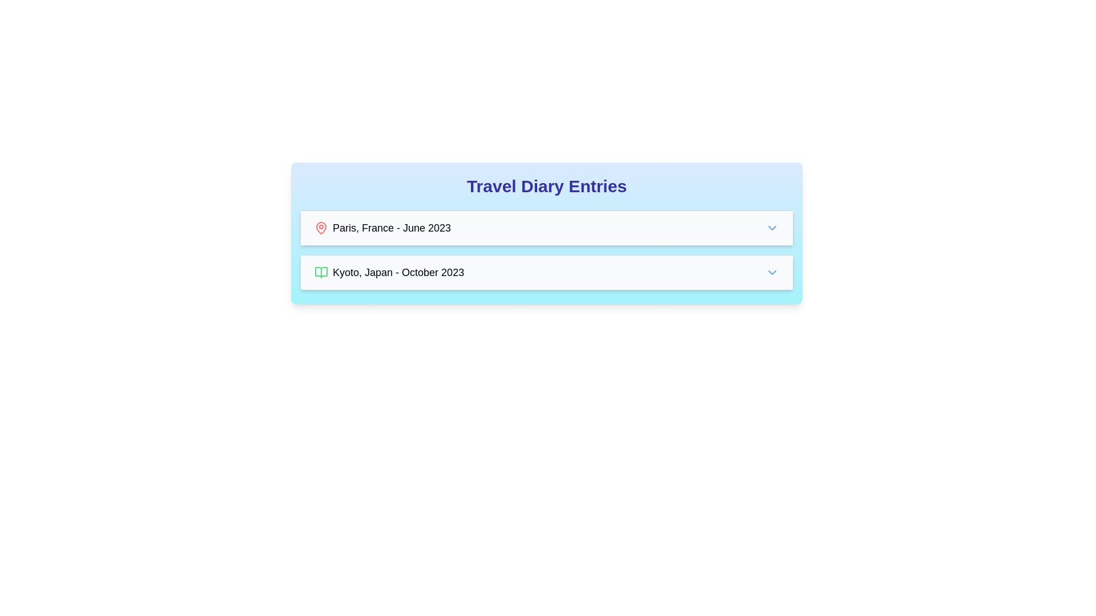  What do you see at coordinates (772, 273) in the screenshot?
I see `the downward-pointing chevron icon on the right side of the entry labeled 'Kyoto, Japan - October 2023'` at bounding box center [772, 273].